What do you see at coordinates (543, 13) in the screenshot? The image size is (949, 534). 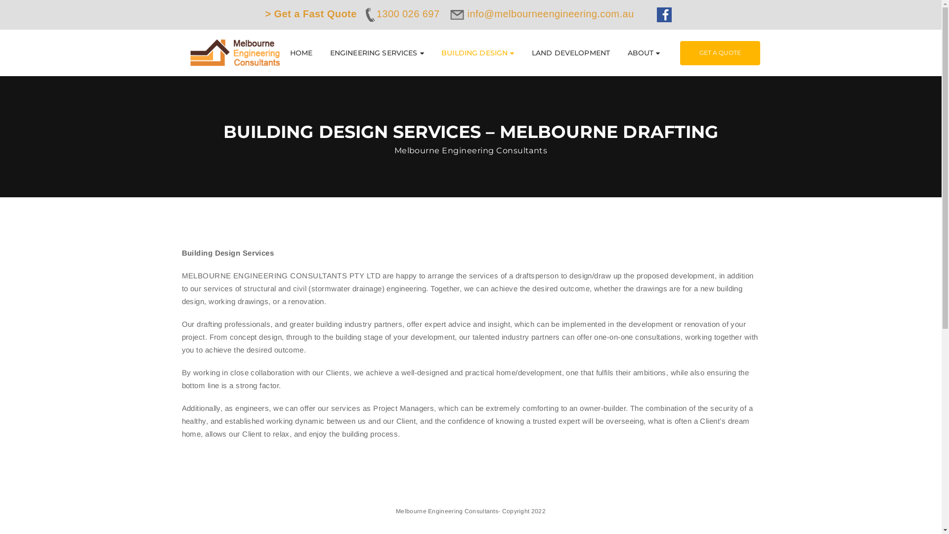 I see `'info@melbourneengineering.com.au'` at bounding box center [543, 13].